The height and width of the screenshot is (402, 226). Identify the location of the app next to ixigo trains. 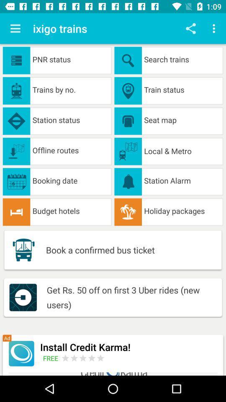
(15, 28).